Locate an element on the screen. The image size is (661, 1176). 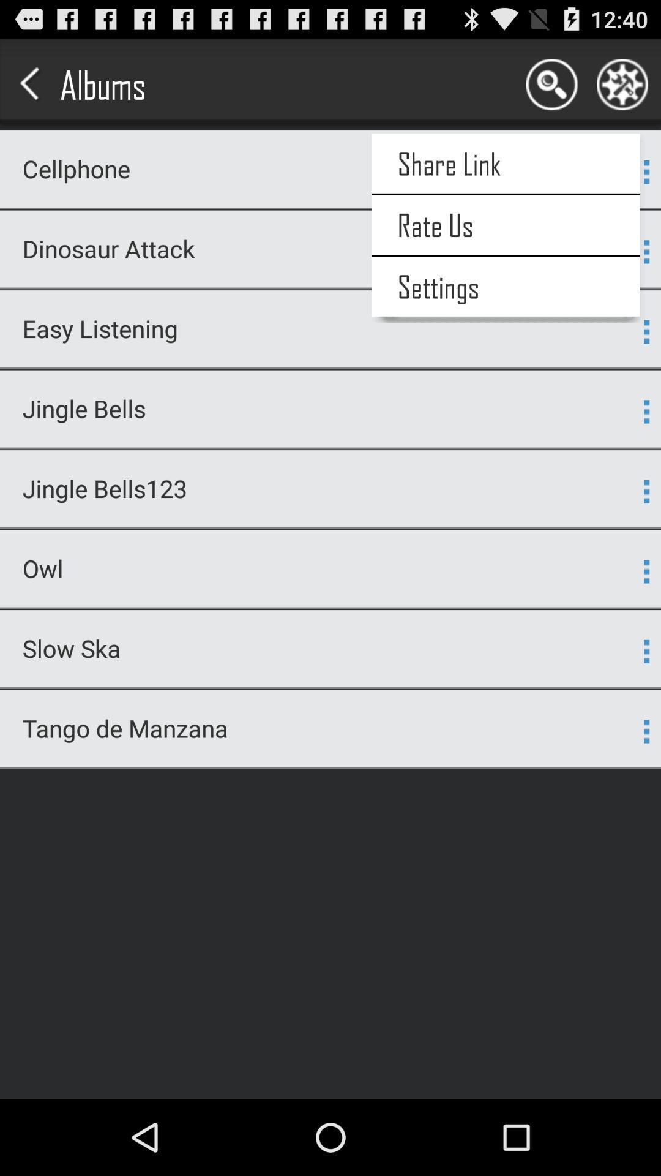
search is located at coordinates (552, 84).